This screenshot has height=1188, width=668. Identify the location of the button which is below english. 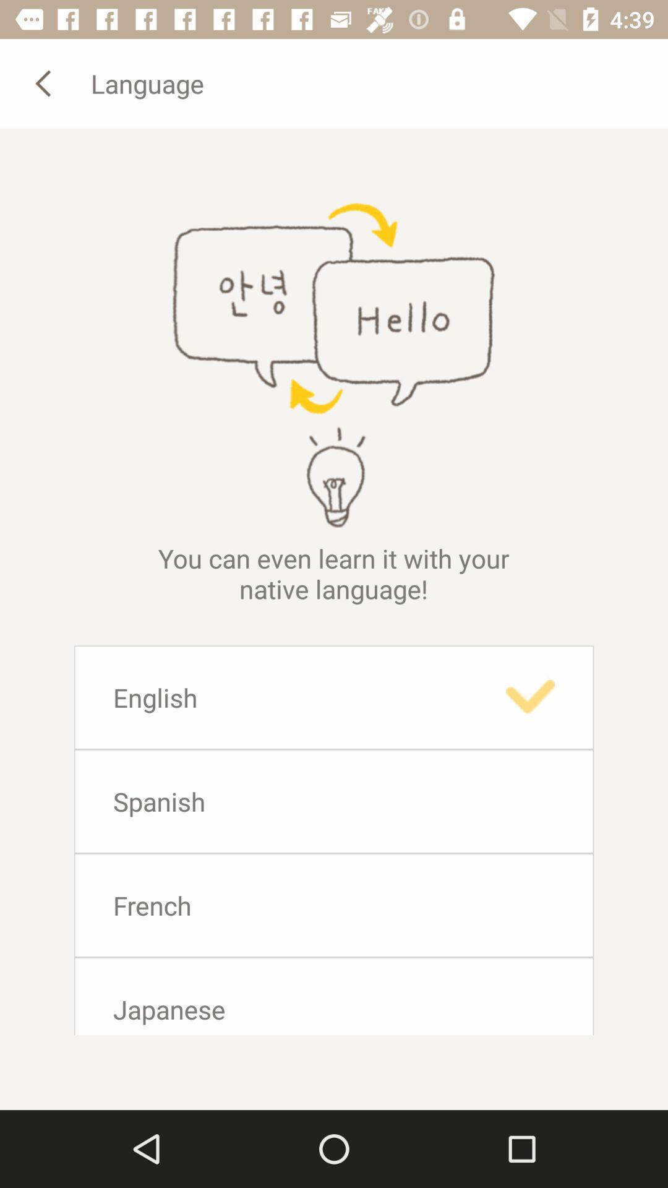
(334, 801).